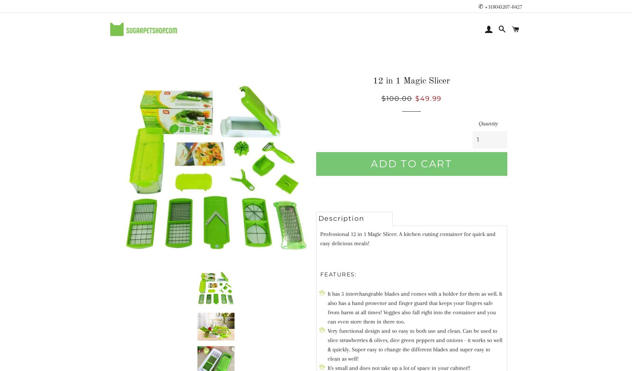  Describe the element at coordinates (487, 123) in the screenshot. I see `'Quantity'` at that location.